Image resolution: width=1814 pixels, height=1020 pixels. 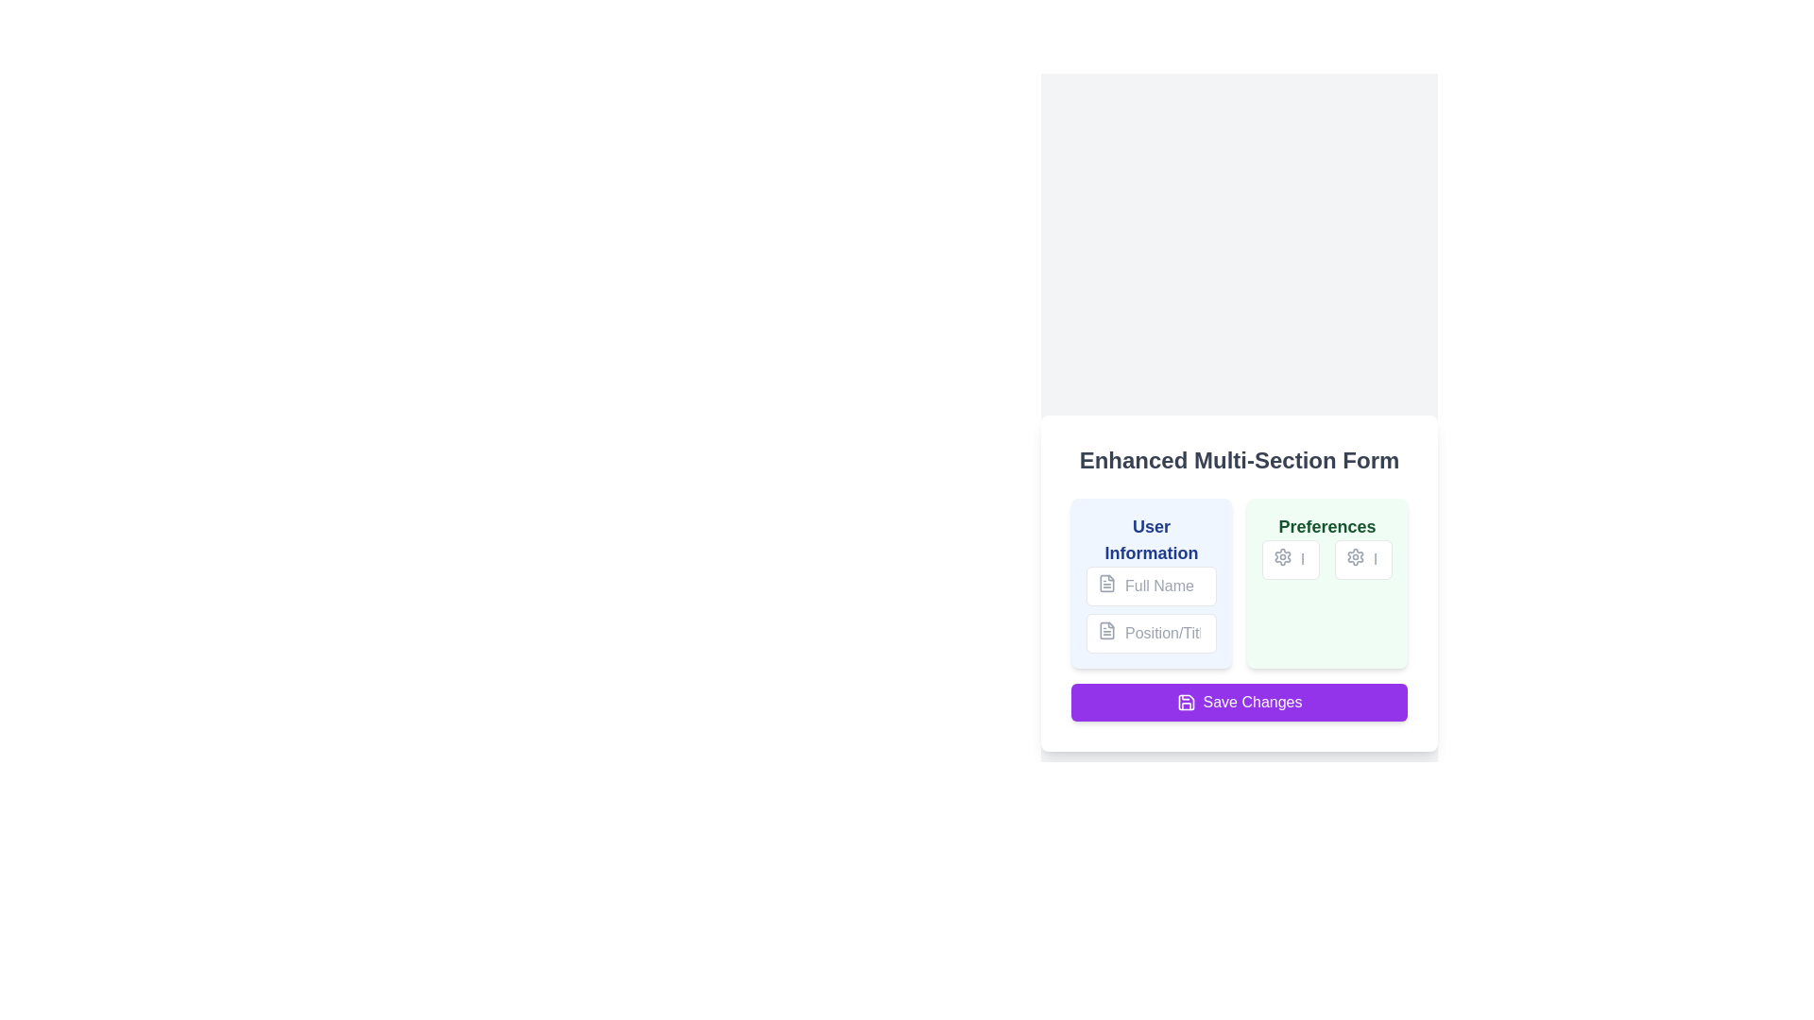 What do you see at coordinates (1185, 703) in the screenshot?
I see `the 'Save Changes' button, which contains a floppy disk icon representing the save action` at bounding box center [1185, 703].